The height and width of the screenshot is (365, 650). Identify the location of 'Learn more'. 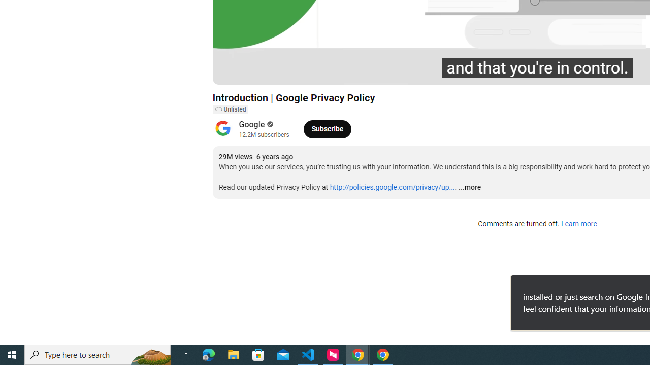
(578, 224).